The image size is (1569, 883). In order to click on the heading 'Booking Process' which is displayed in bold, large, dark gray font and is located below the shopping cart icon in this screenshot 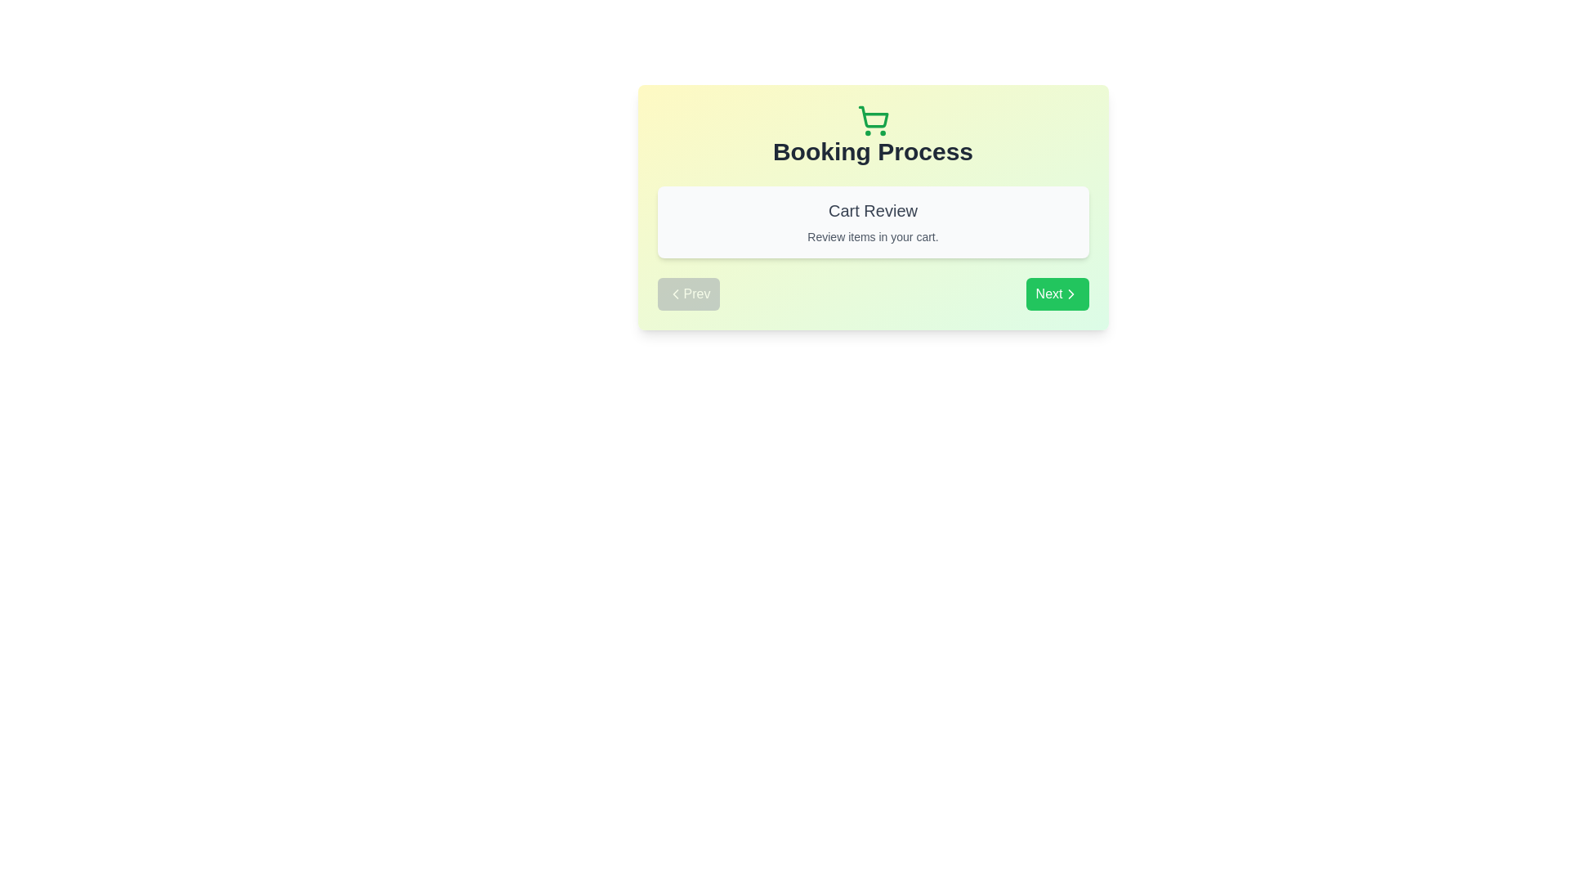, I will do `click(872, 134)`.